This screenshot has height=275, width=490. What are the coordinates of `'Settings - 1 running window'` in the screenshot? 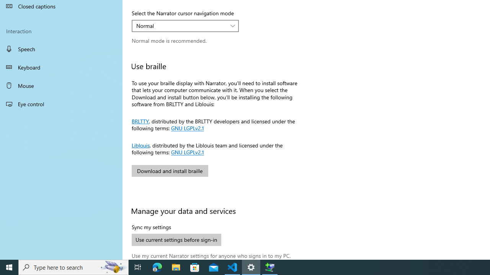 It's located at (251, 267).